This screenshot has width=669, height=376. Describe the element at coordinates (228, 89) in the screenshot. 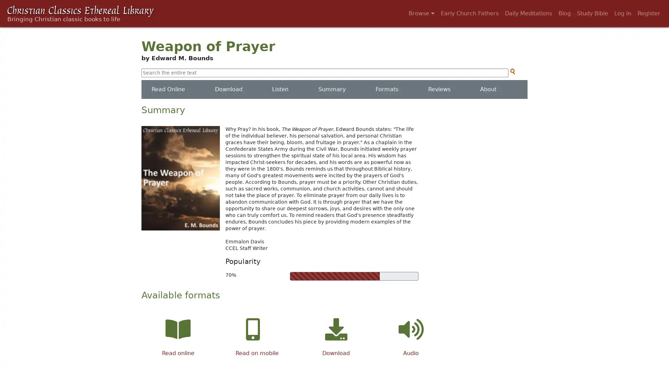

I see `Download` at that location.